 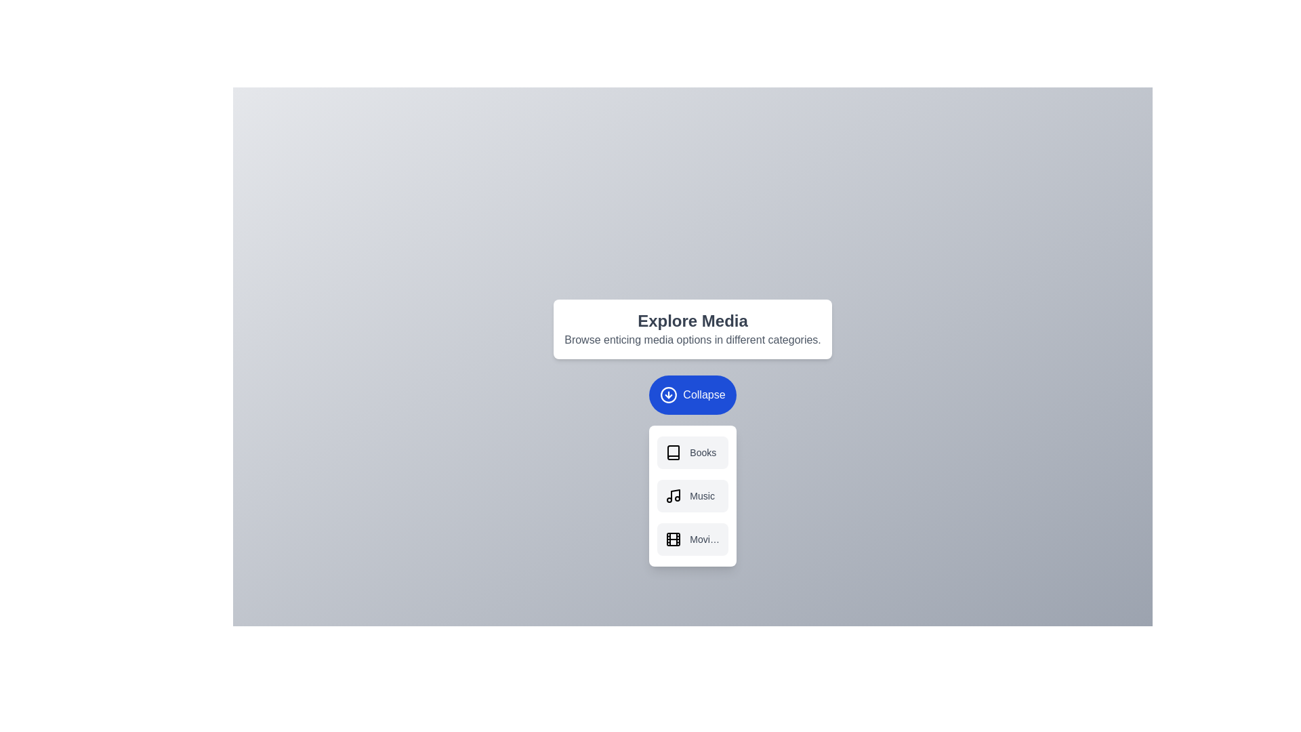 I want to click on the media type Movies from the menu, so click(x=693, y=537).